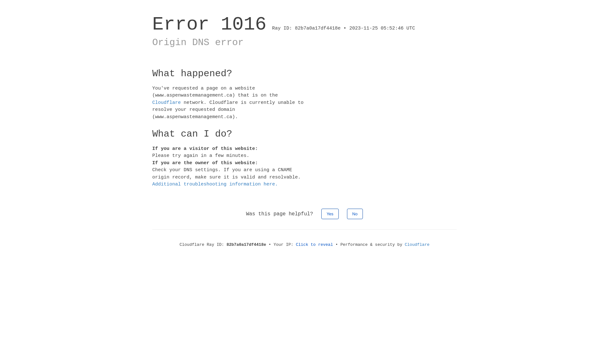 This screenshot has width=609, height=343. I want to click on 'Additional troubleshooting information here.', so click(215, 184).